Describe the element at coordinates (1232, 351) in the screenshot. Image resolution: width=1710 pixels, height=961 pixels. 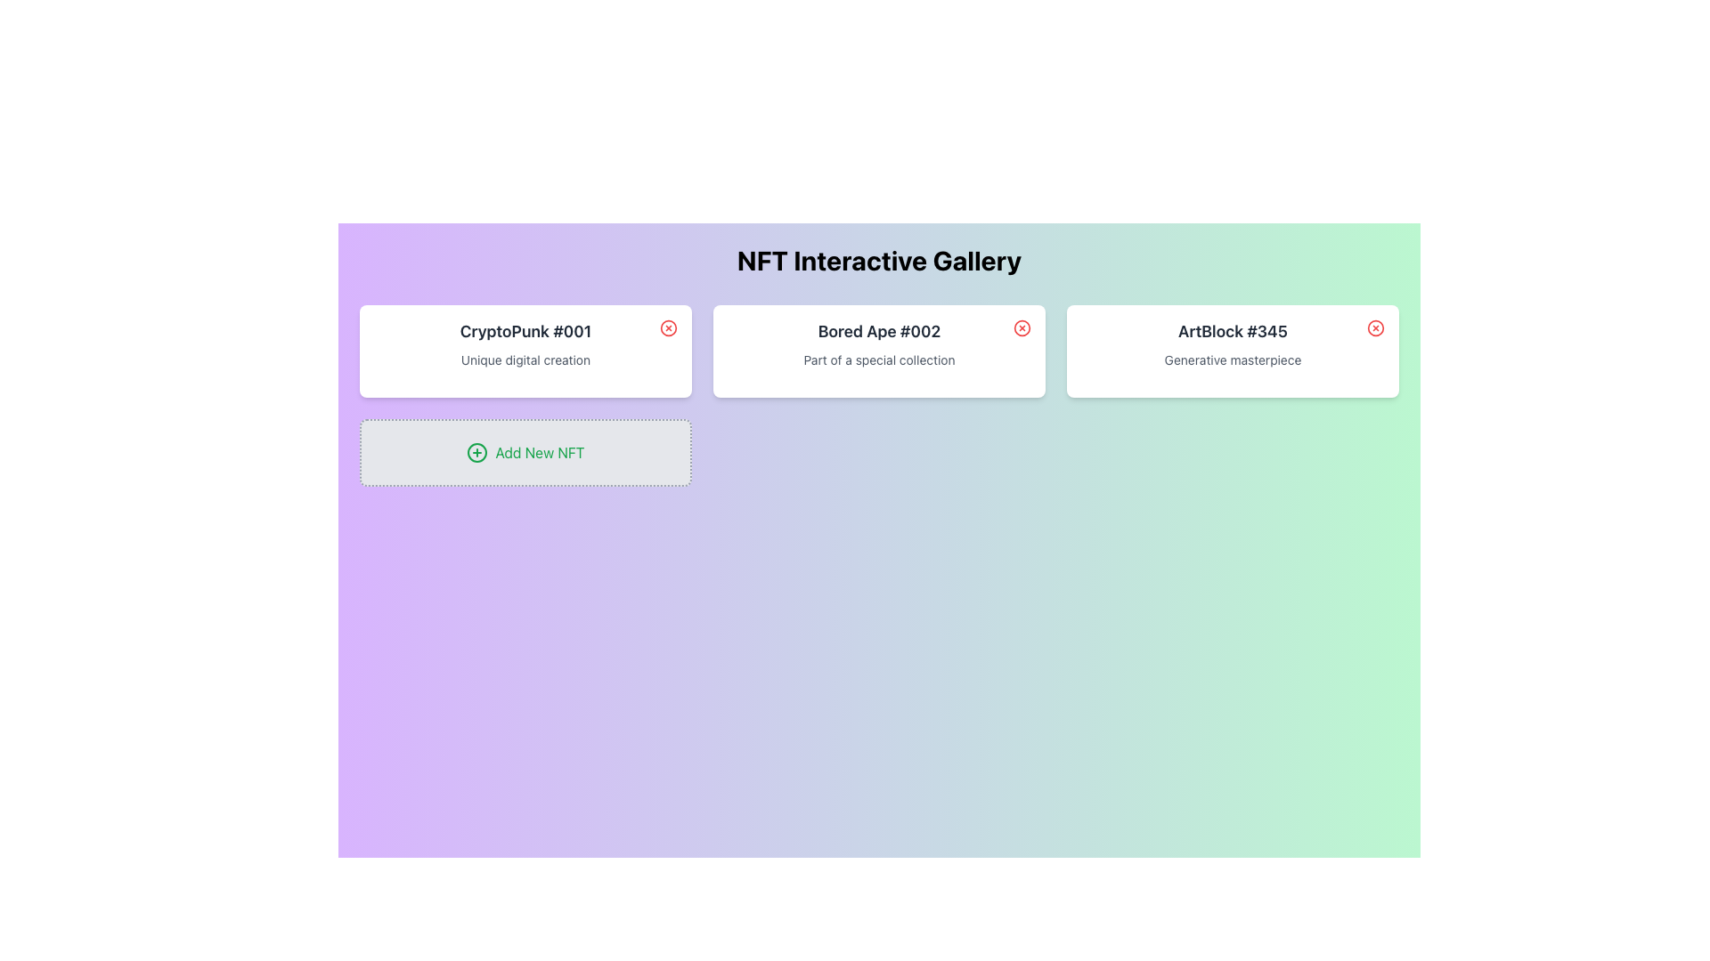
I see `the Information Card displaying an NFT item, which is the third card in a horizontal grid, located to the right of the 'Bored Ape #002' card` at that location.